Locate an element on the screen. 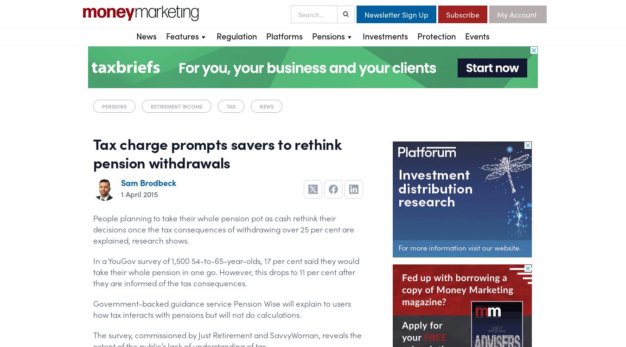 This screenshot has width=626, height=347. 'MM Meets' is located at coordinates (184, 103).